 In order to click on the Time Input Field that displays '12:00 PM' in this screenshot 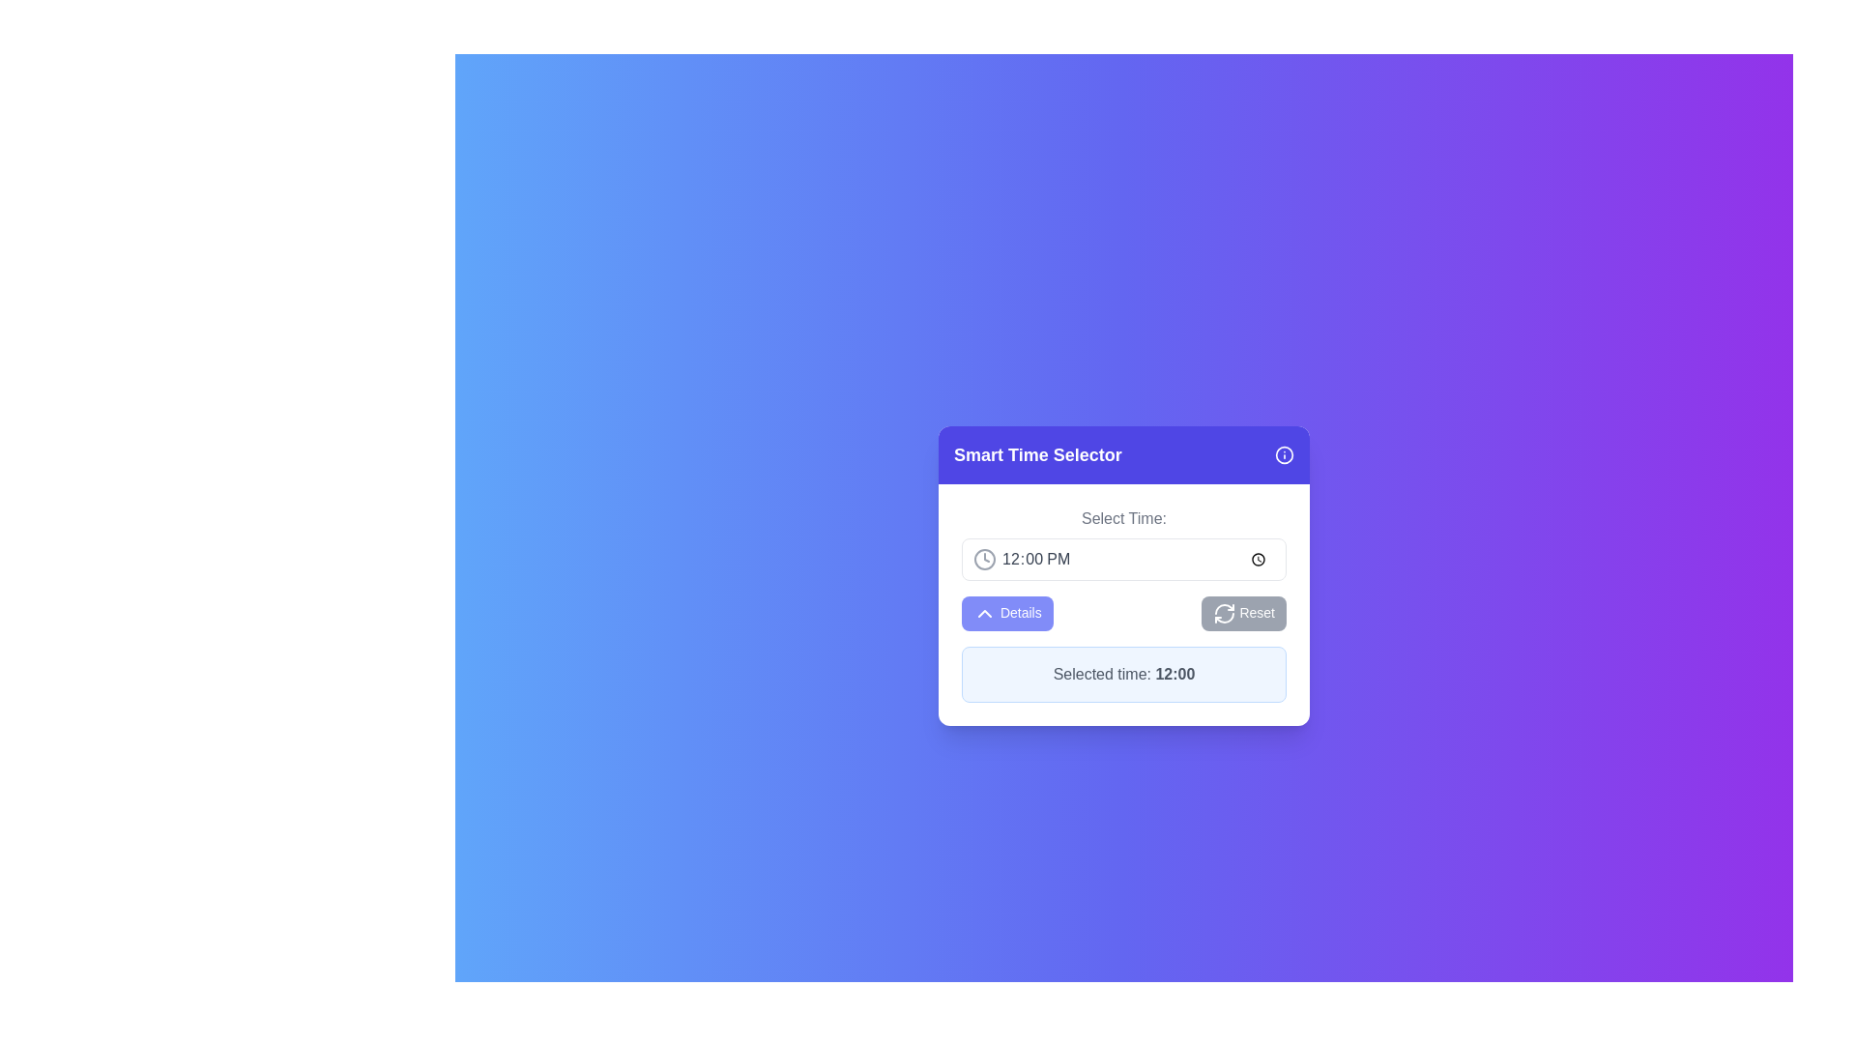, I will do `click(1123, 559)`.